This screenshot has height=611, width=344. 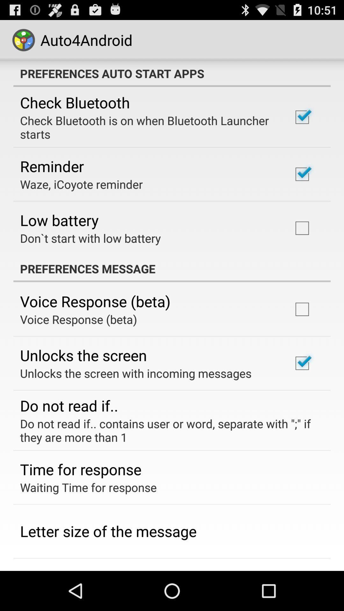 I want to click on the letter size of app, so click(x=108, y=531).